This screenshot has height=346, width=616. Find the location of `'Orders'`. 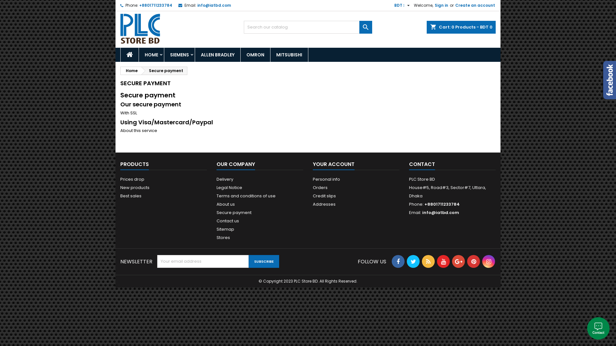

'Orders' is located at coordinates (320, 187).